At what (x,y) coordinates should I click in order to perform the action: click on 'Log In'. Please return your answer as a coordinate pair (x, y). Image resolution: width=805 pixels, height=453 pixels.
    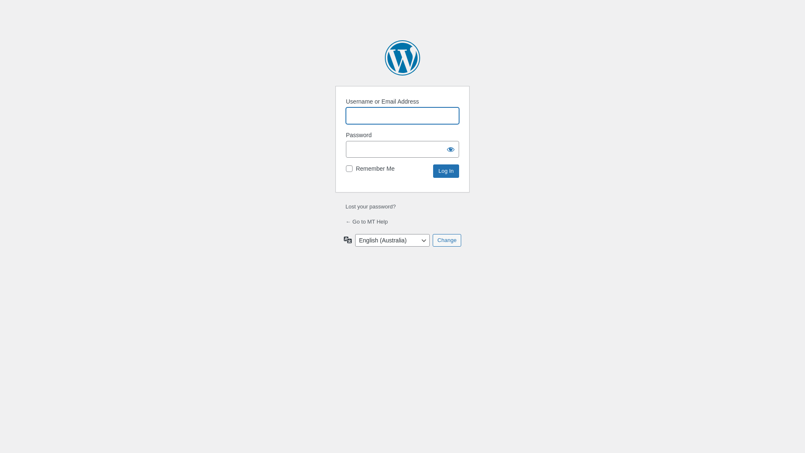
    Looking at the image, I should click on (433, 171).